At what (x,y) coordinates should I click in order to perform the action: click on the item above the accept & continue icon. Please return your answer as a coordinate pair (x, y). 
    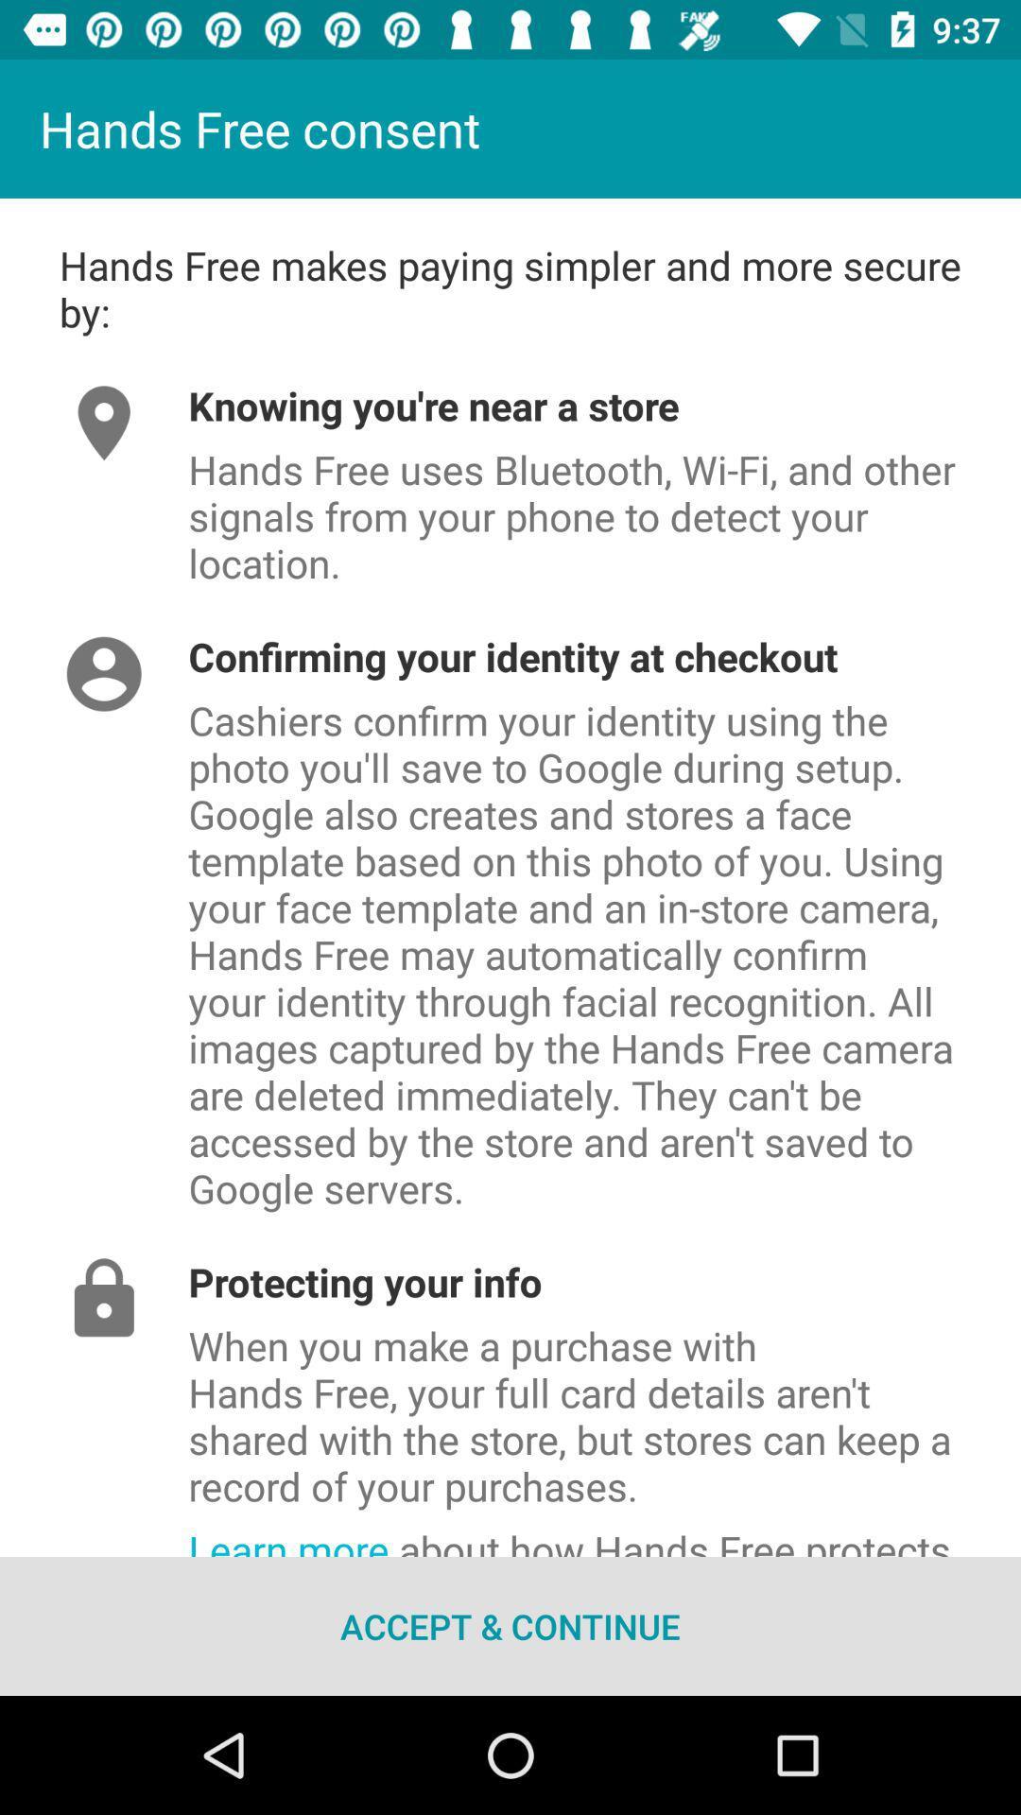
    Looking at the image, I should click on (604, 1534).